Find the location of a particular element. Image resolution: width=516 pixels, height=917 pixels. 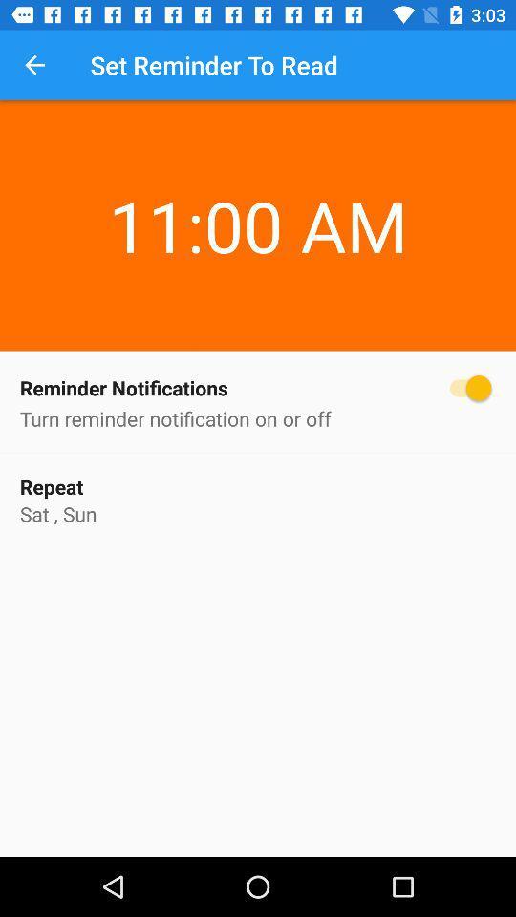

the reminder notifications icon is located at coordinates (258, 387).